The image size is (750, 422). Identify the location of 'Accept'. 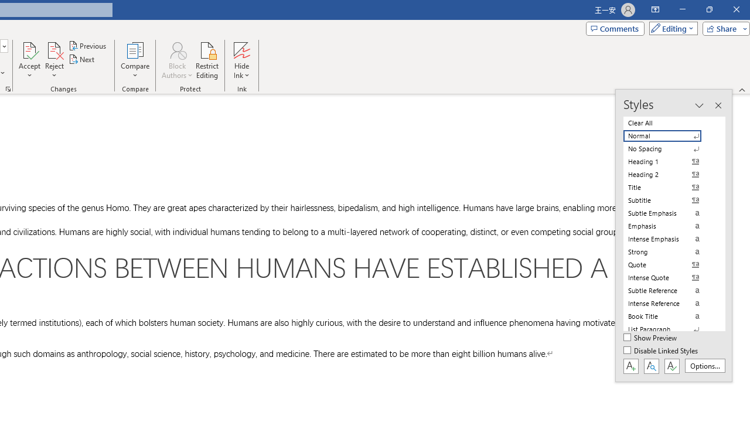
(29, 60).